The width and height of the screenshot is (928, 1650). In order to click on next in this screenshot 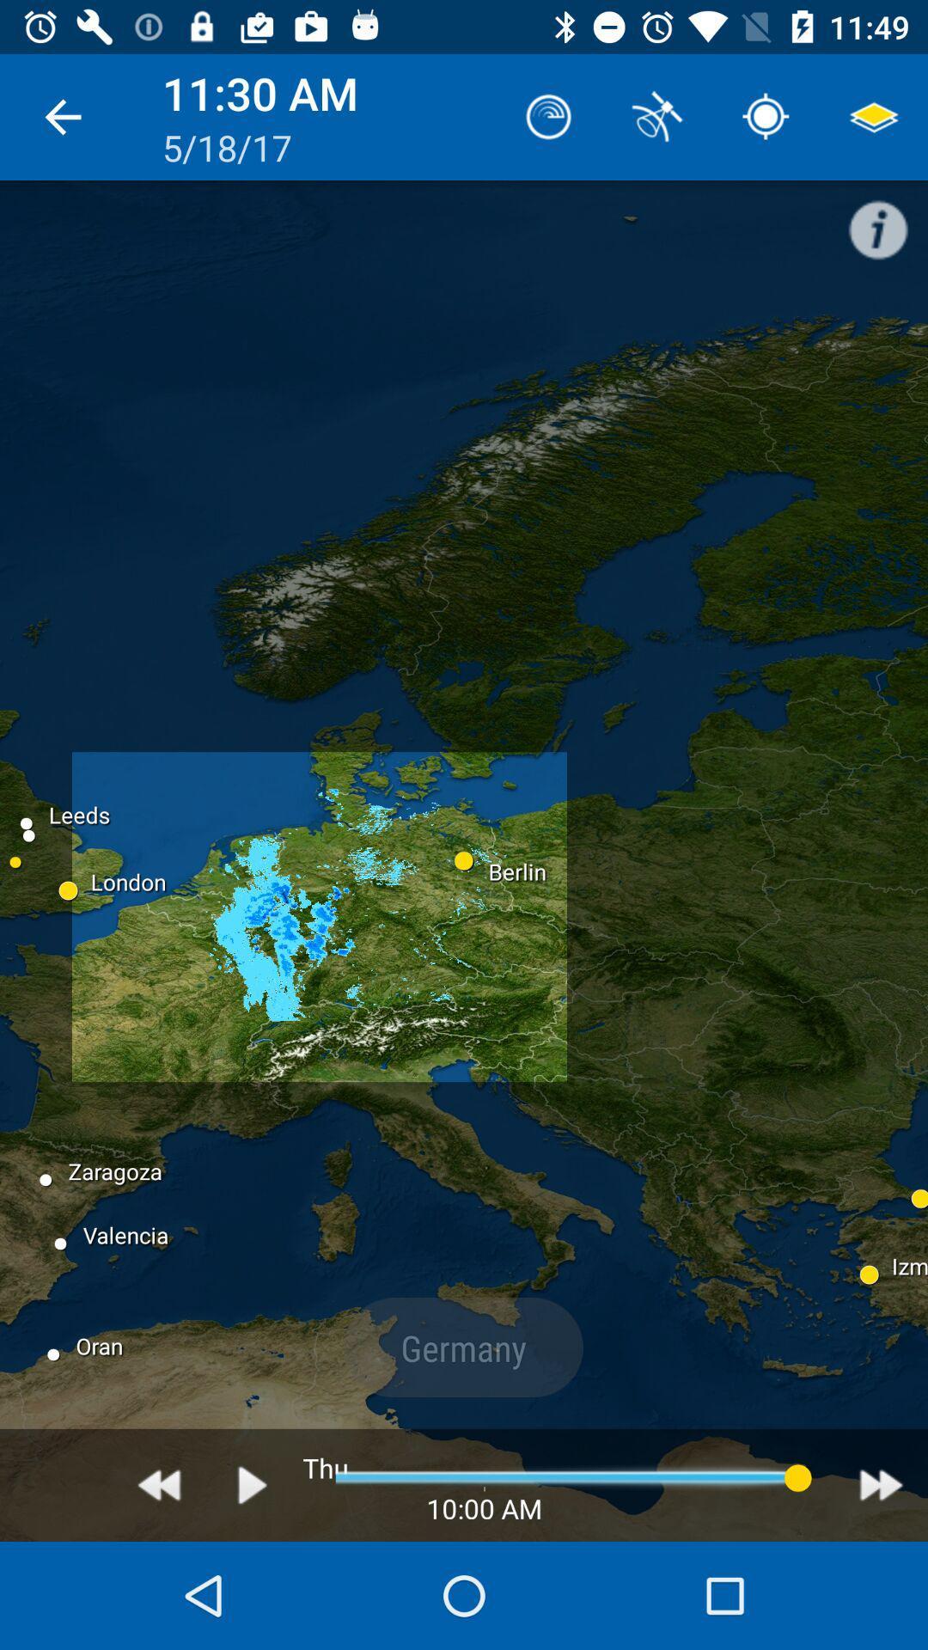, I will do `click(881, 1484)`.